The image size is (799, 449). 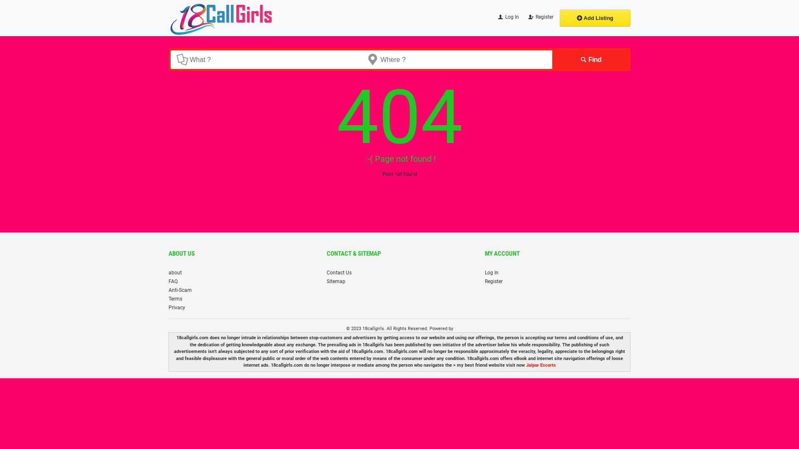 I want to click on 'Log In', so click(x=507, y=17).